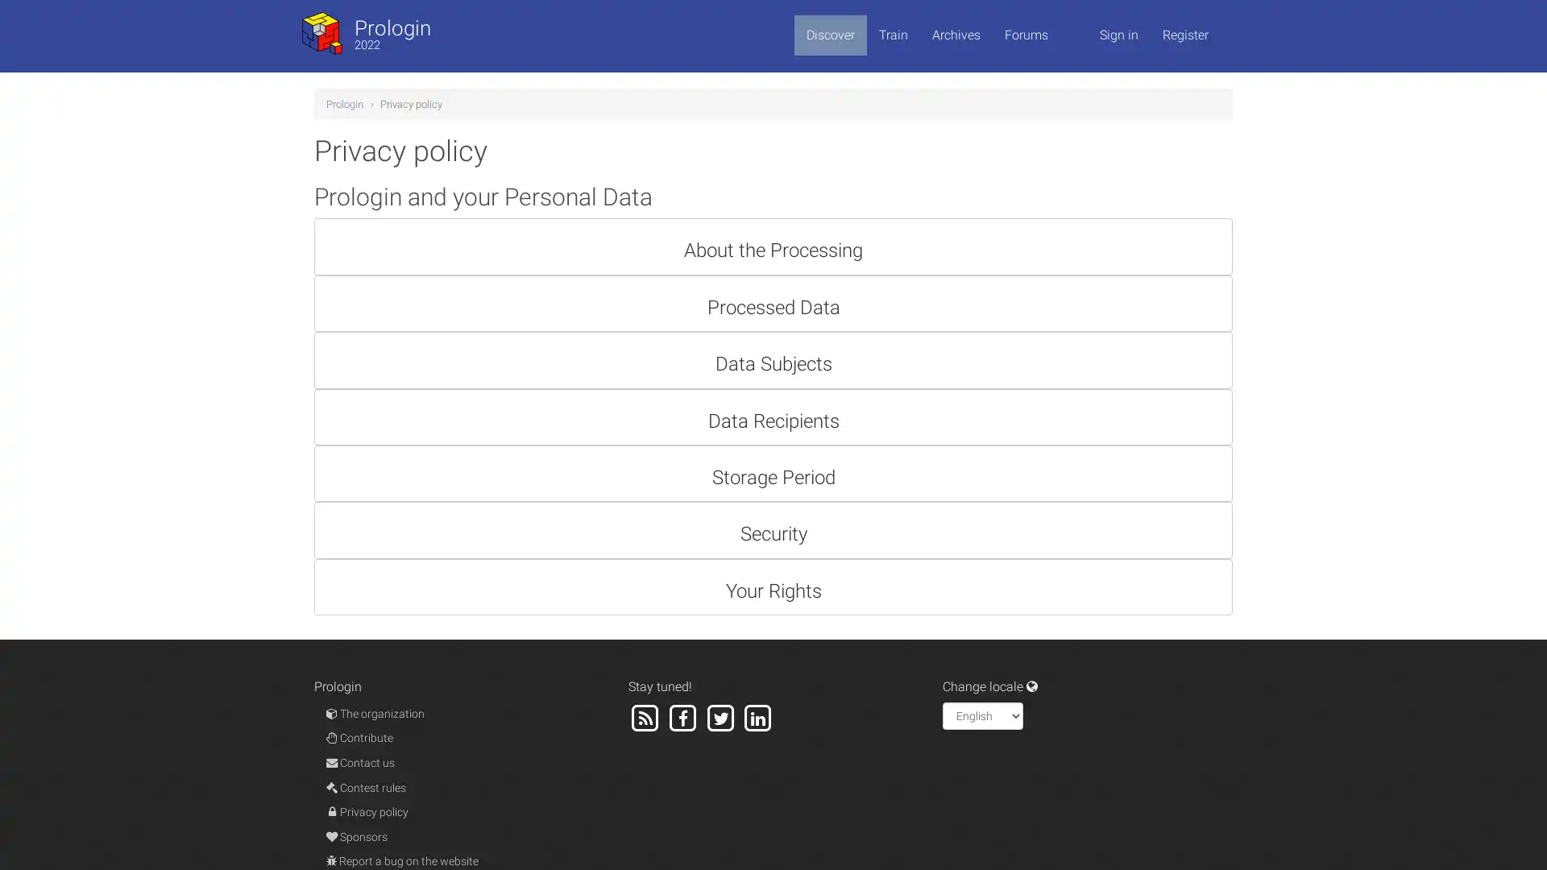 The height and width of the screenshot is (870, 1547). Describe the element at coordinates (773, 472) in the screenshot. I see `Storage Period` at that location.